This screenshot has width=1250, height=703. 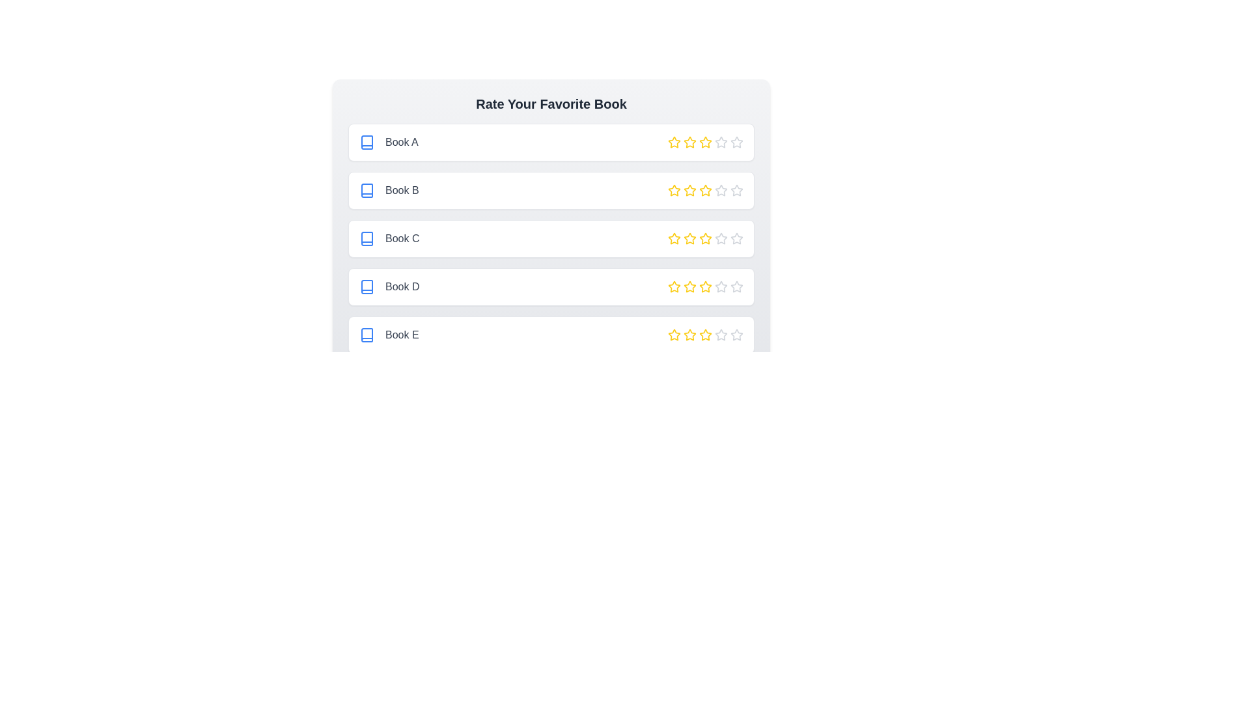 What do you see at coordinates (674, 143) in the screenshot?
I see `the star corresponding to 1 stars for the book titled Book A` at bounding box center [674, 143].